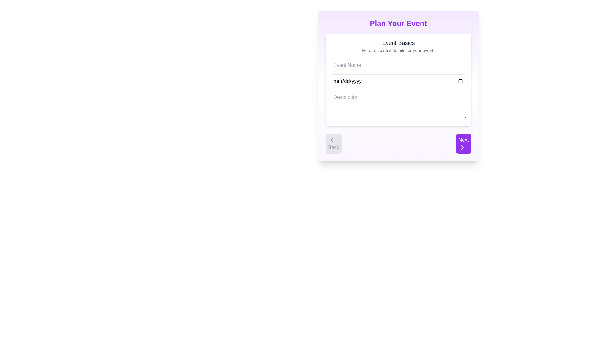  What do you see at coordinates (464, 144) in the screenshot?
I see `the 'Next' button with a purple background and white text` at bounding box center [464, 144].